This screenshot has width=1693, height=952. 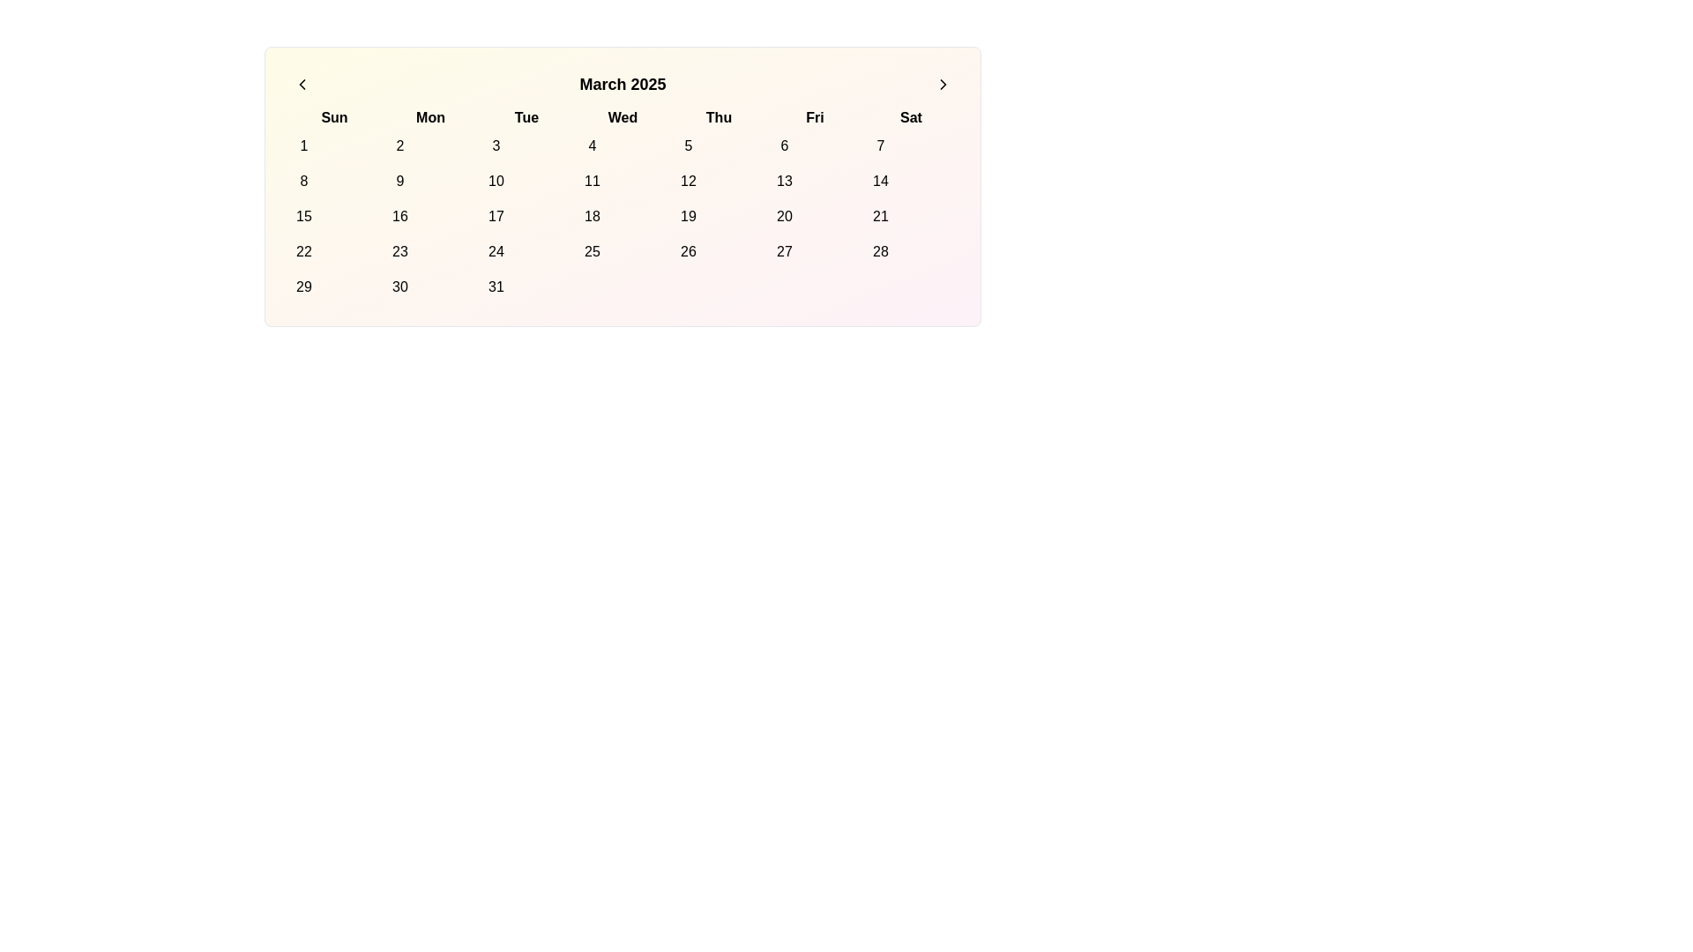 What do you see at coordinates (304, 286) in the screenshot?
I see `the calendar day button labeled '29'` at bounding box center [304, 286].